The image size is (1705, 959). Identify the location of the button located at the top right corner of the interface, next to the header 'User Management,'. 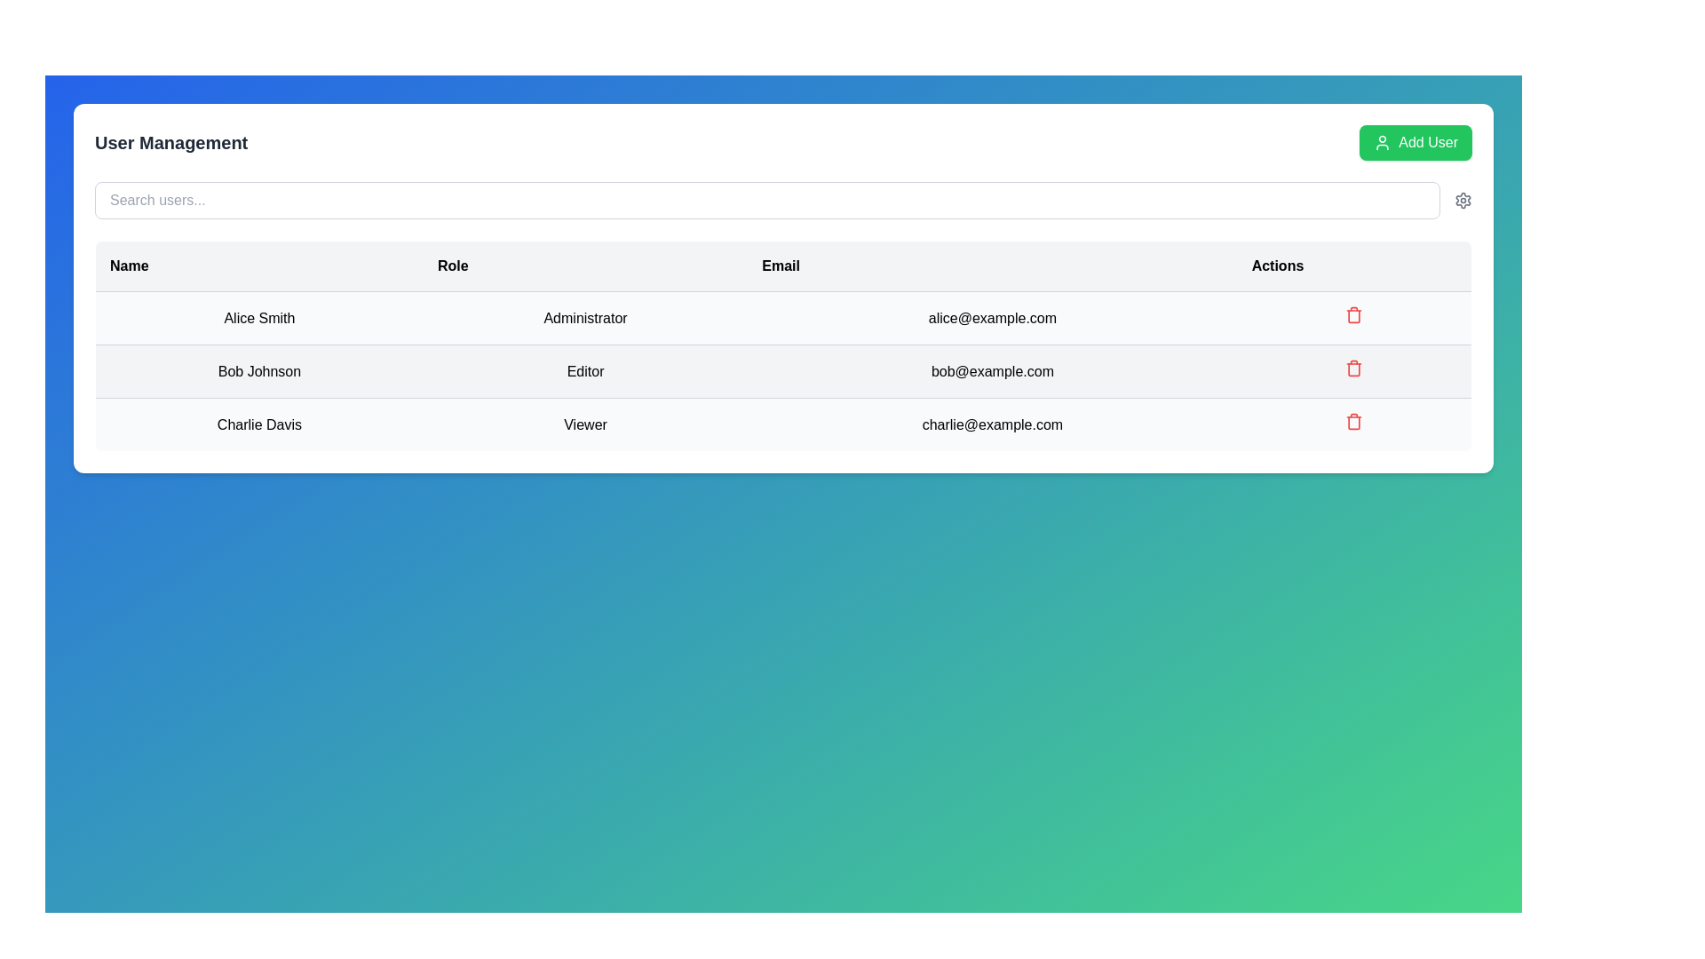
(1415, 142).